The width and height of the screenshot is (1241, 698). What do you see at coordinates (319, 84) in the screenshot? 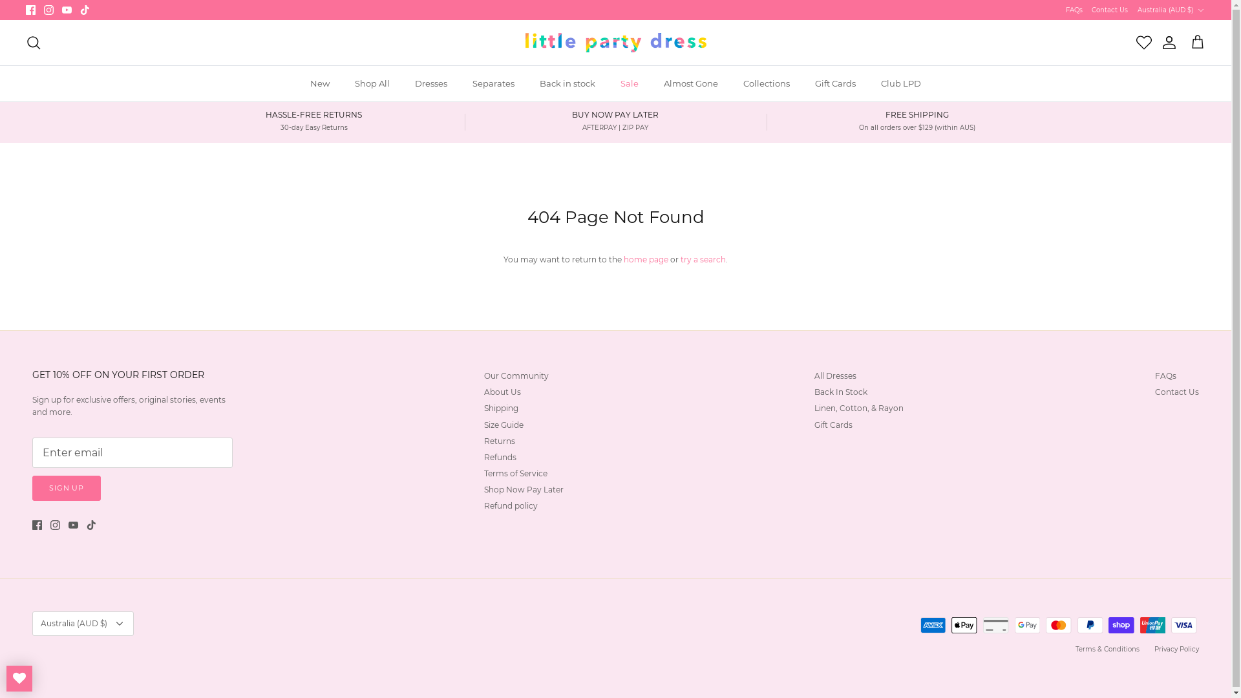
I see `'New'` at bounding box center [319, 84].